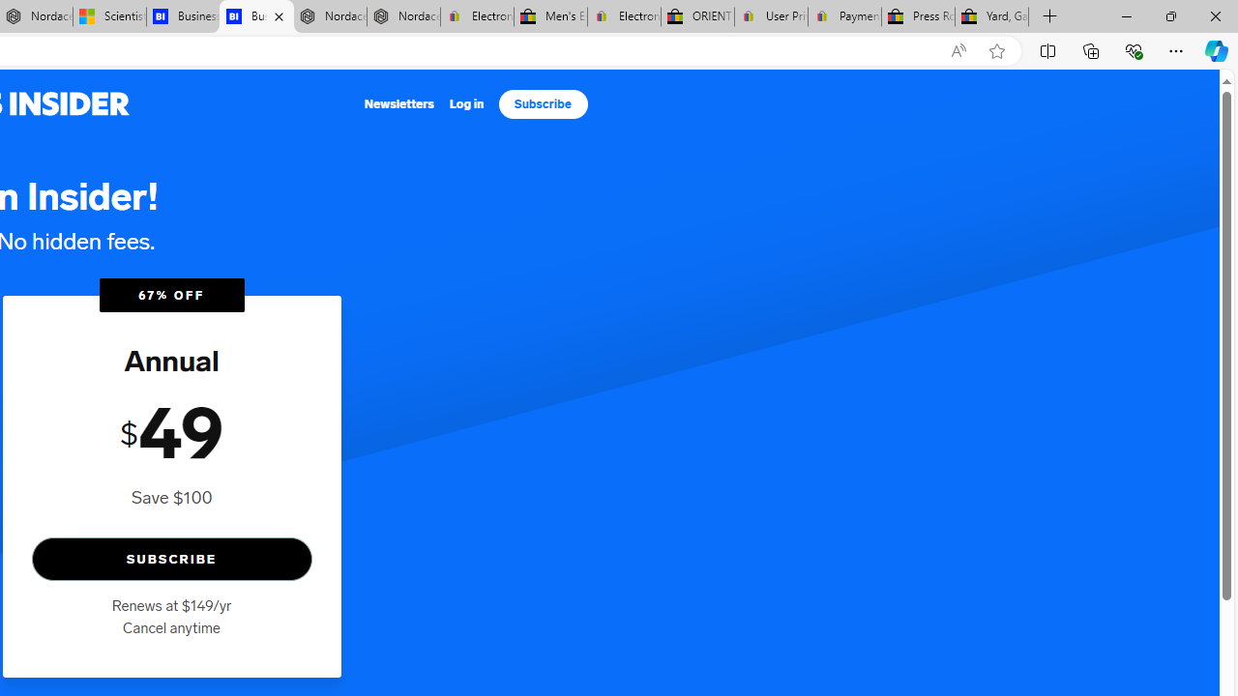 The image size is (1238, 696). What do you see at coordinates (991, 16) in the screenshot?
I see `'Yard, Garden & Outdoor Living'` at bounding box center [991, 16].